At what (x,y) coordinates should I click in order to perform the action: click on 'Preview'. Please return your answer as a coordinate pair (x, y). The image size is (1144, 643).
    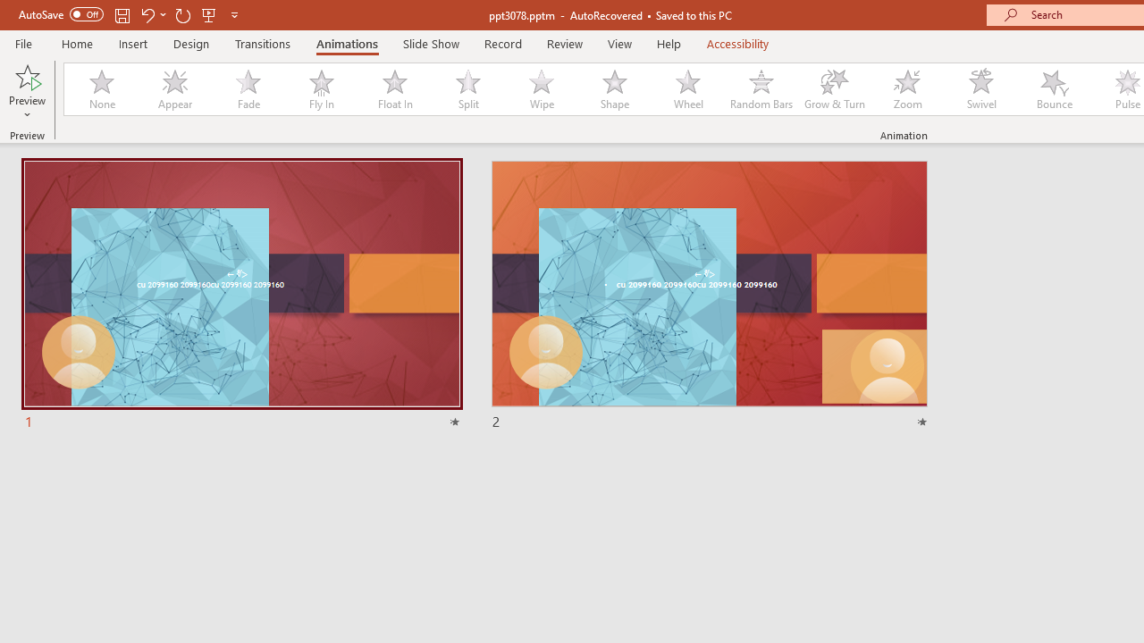
    Looking at the image, I should click on (27, 75).